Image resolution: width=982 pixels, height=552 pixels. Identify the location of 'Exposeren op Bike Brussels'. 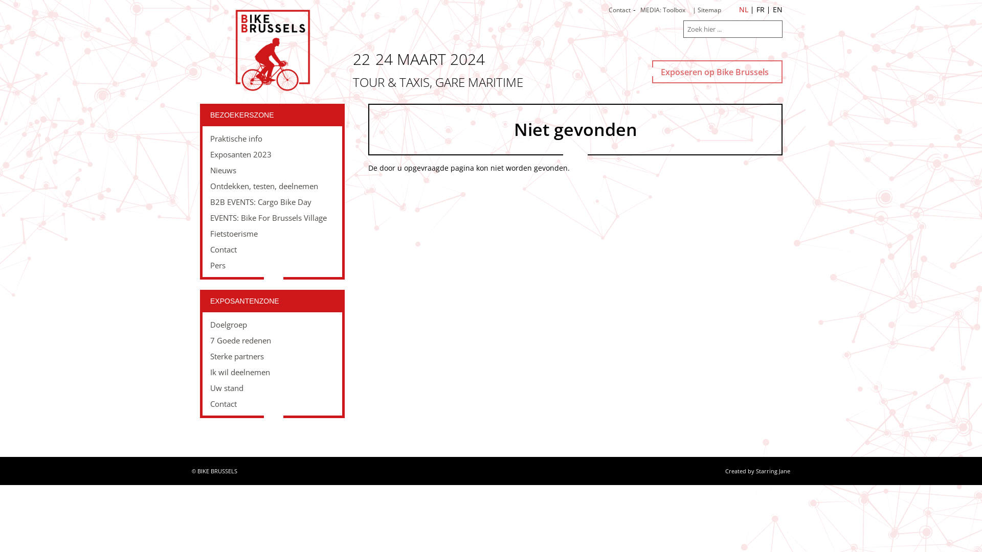
(717, 71).